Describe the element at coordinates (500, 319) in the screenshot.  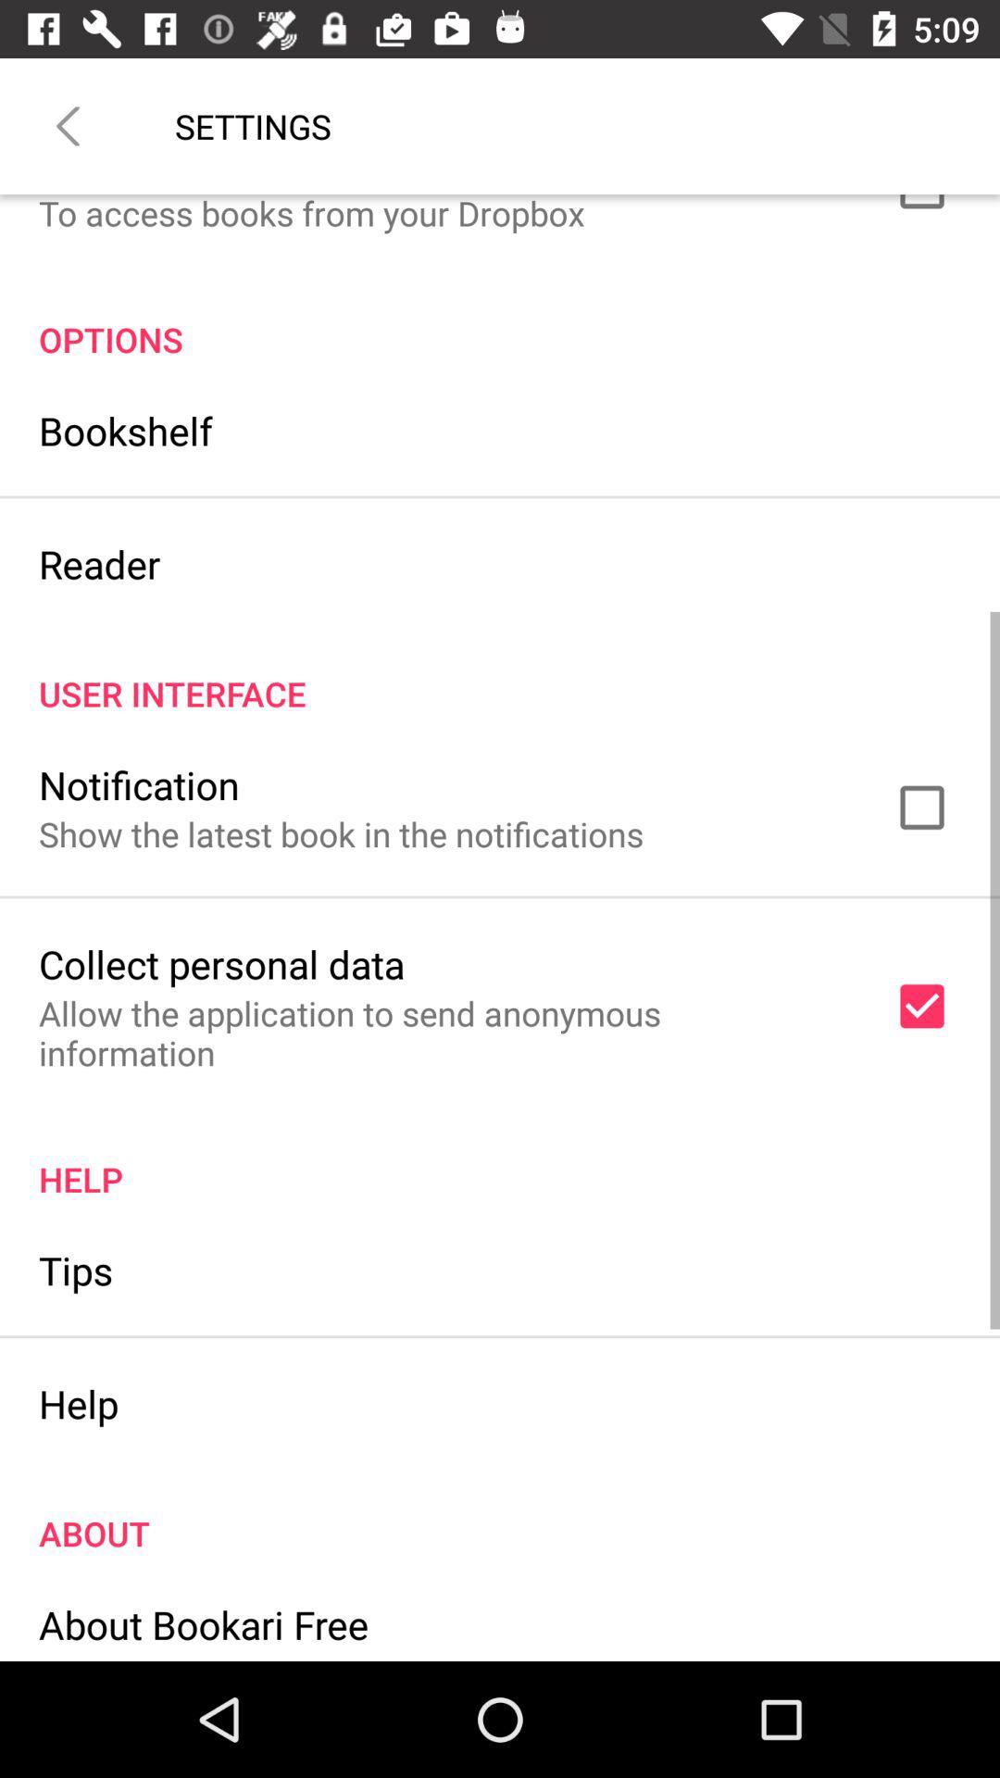
I see `the icon above bookshelf item` at that location.